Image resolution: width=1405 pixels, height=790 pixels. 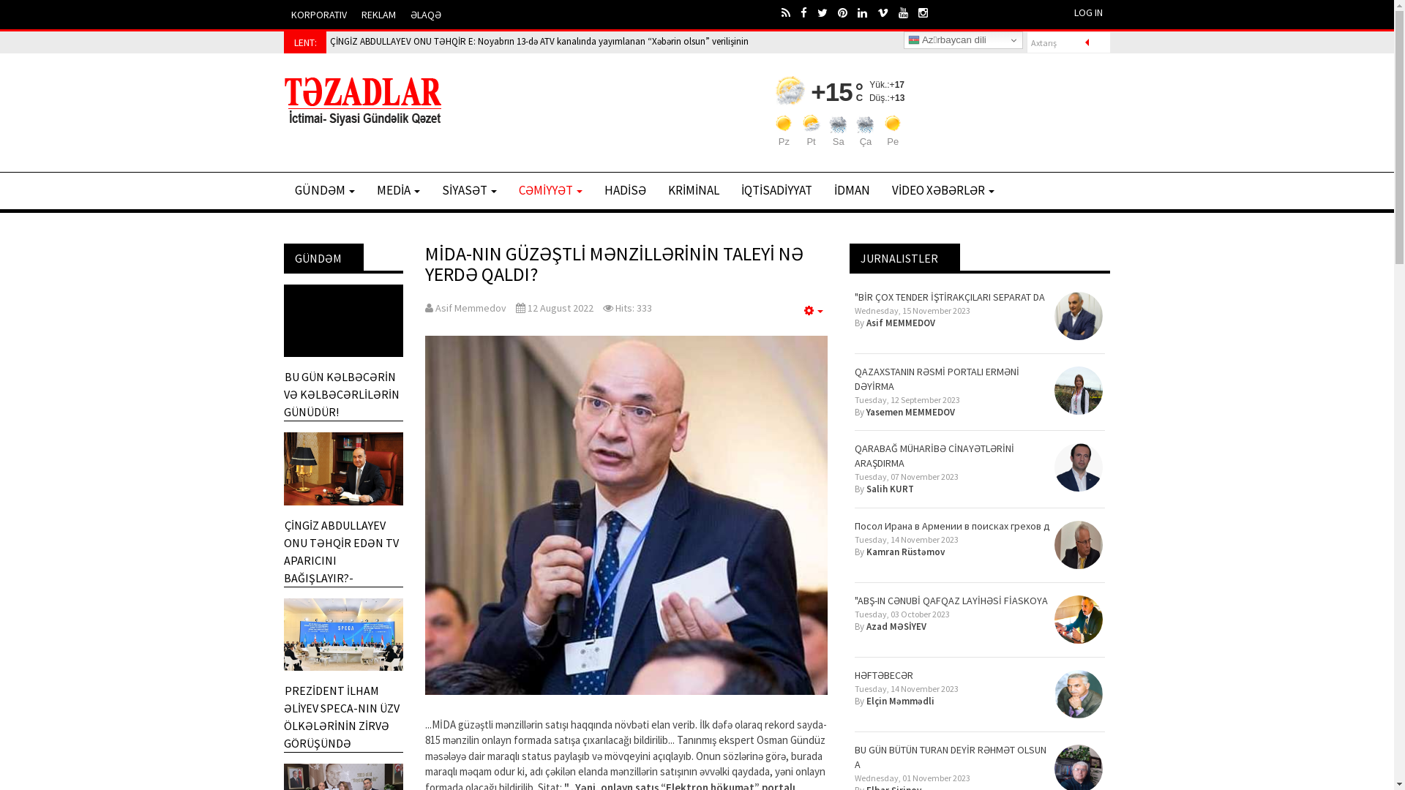 I want to click on 'KORPORATIV', so click(x=284, y=14).